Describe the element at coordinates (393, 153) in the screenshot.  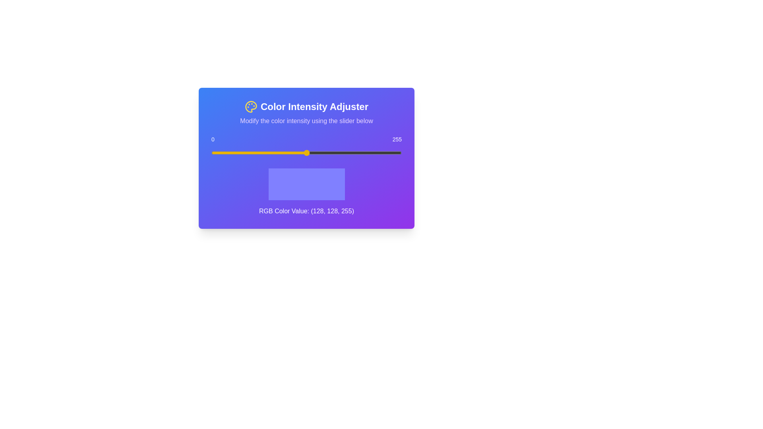
I see `the slider to set the color intensity to 244` at that location.